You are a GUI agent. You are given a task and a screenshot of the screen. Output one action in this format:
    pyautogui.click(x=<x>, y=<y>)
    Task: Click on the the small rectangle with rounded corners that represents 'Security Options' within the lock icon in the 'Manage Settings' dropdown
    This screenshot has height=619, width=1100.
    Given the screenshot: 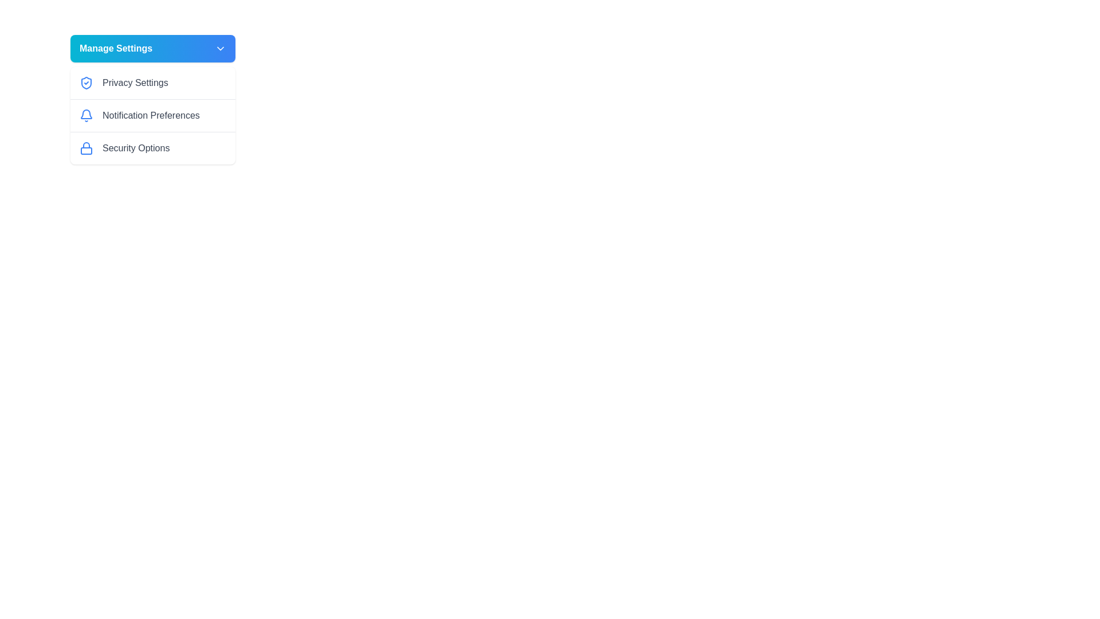 What is the action you would take?
    pyautogui.click(x=85, y=150)
    